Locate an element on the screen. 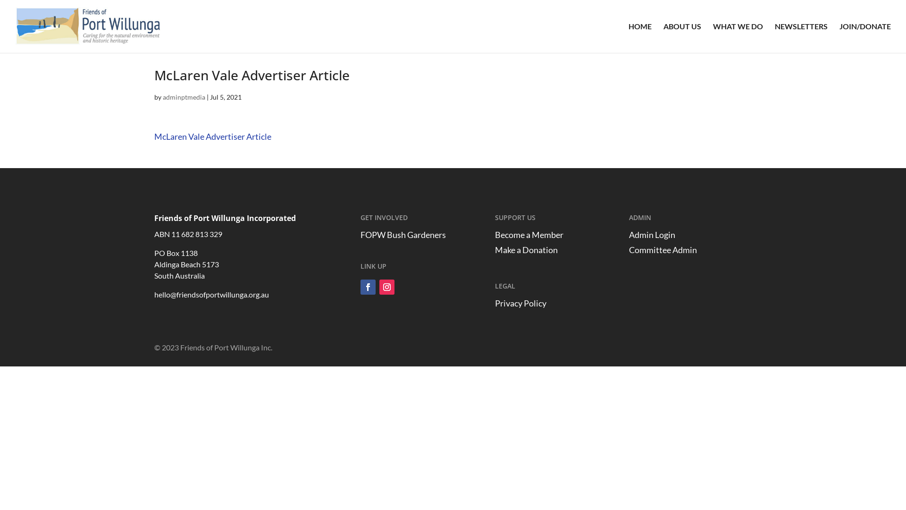  'Follow on Facebook' is located at coordinates (367, 287).